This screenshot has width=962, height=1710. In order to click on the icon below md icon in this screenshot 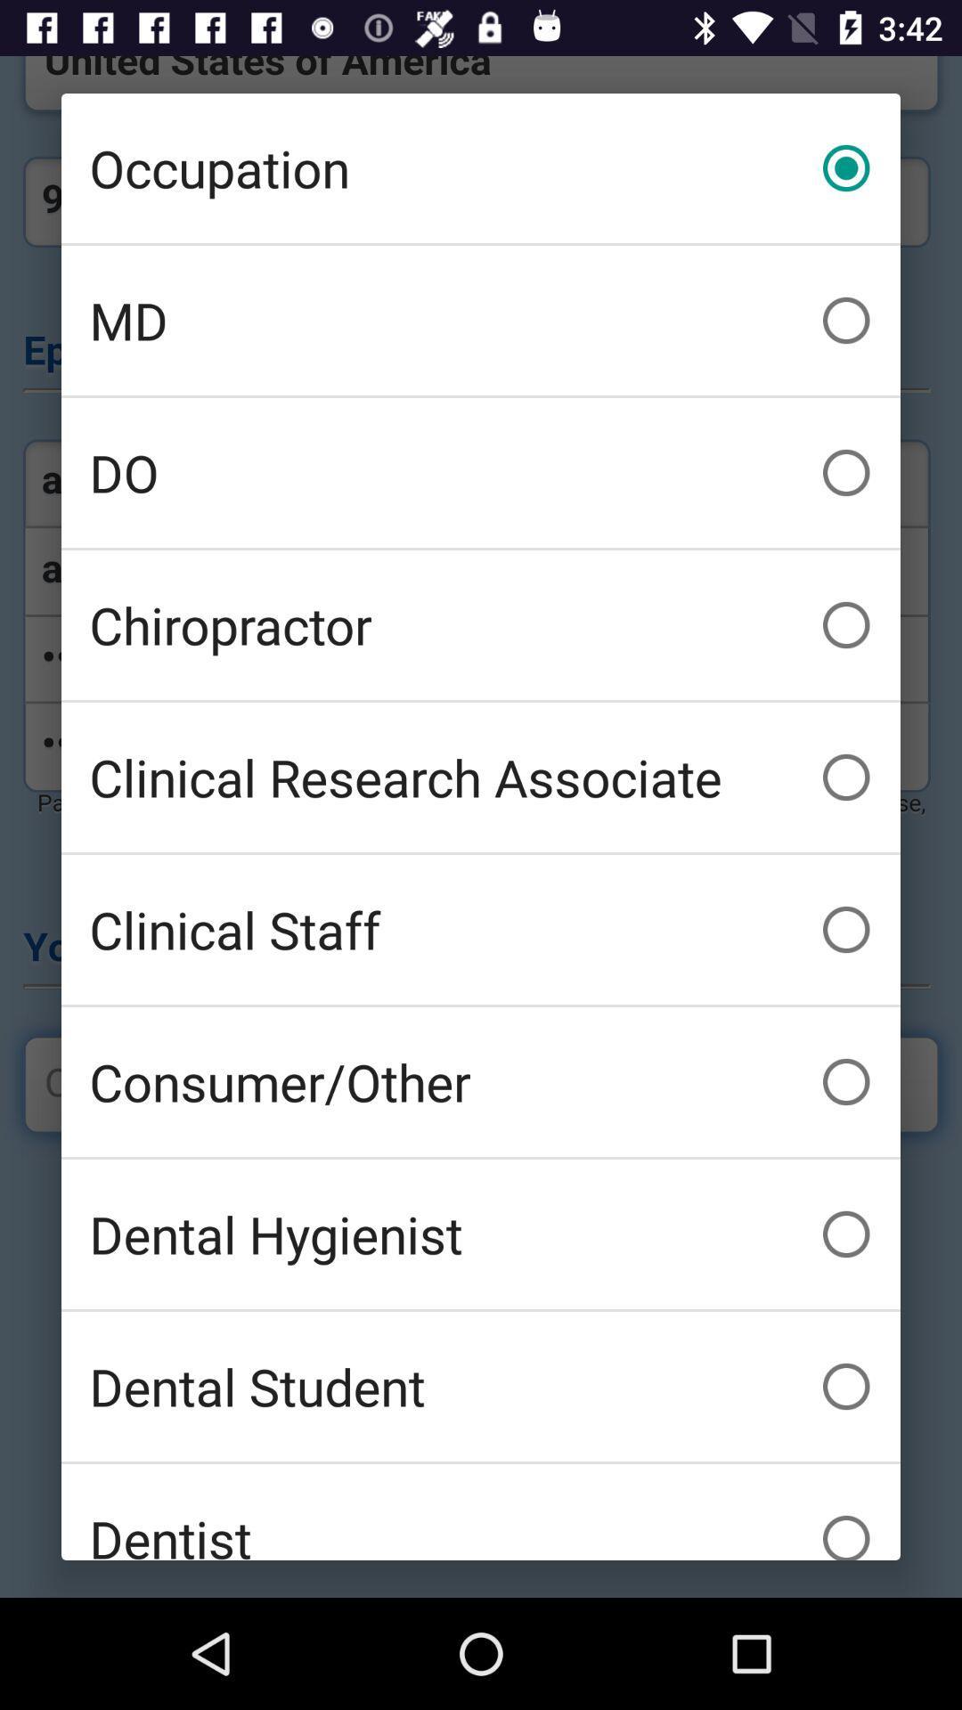, I will do `click(481, 473)`.